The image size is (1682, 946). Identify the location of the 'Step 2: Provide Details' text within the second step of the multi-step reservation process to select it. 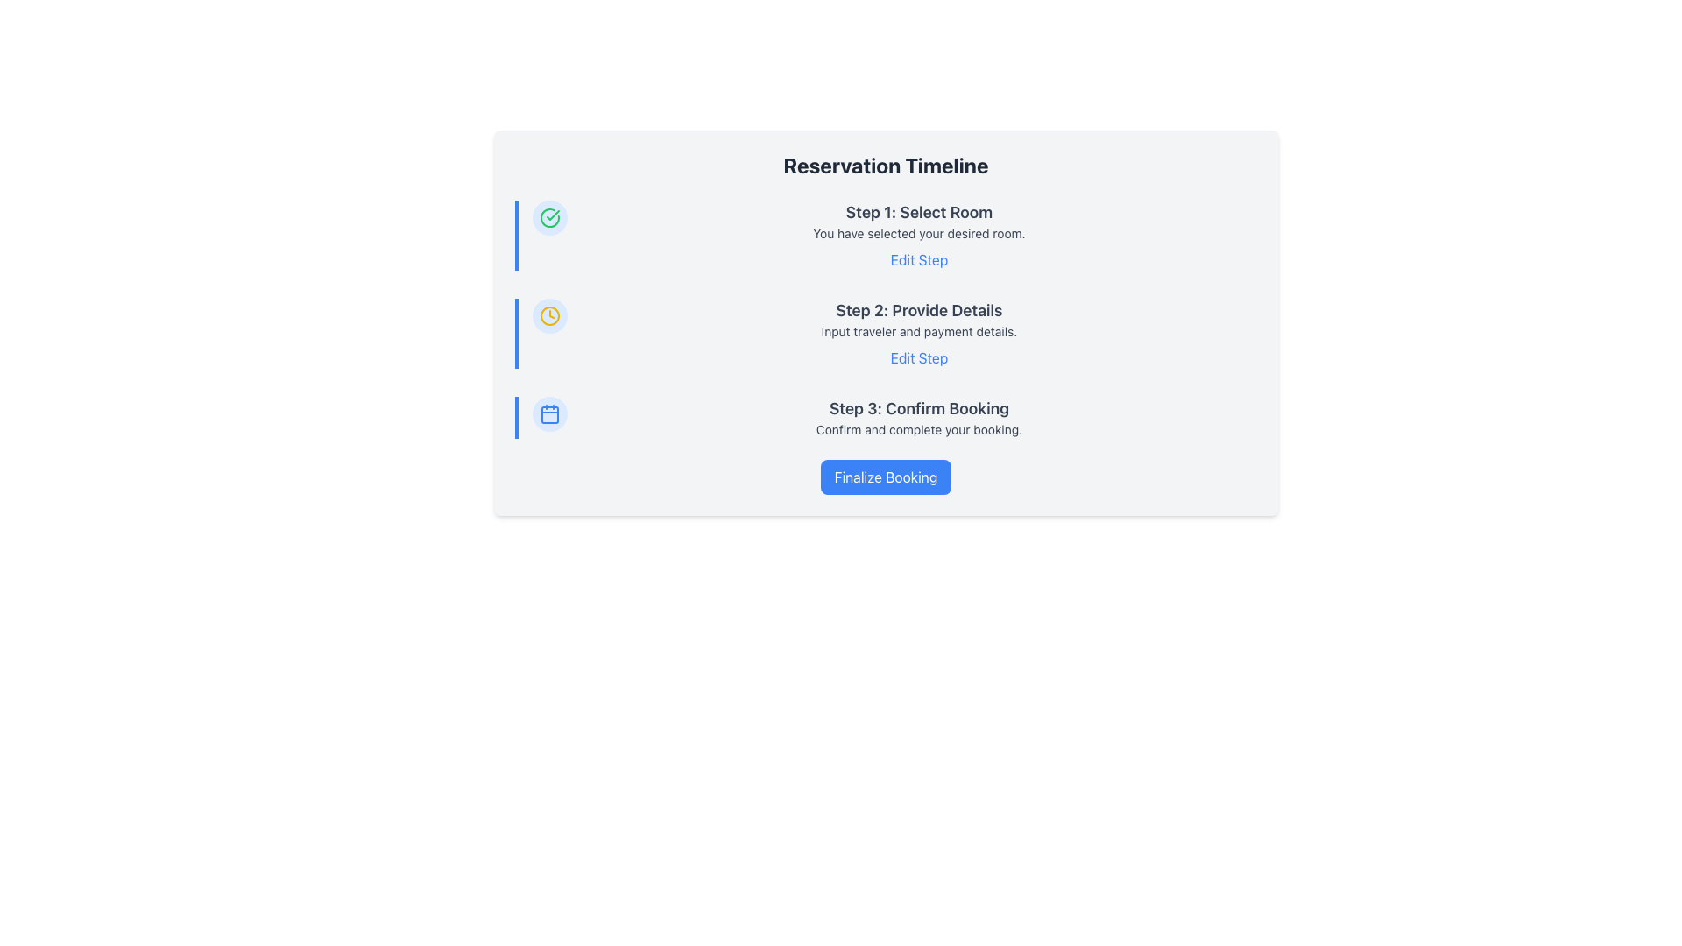
(886, 334).